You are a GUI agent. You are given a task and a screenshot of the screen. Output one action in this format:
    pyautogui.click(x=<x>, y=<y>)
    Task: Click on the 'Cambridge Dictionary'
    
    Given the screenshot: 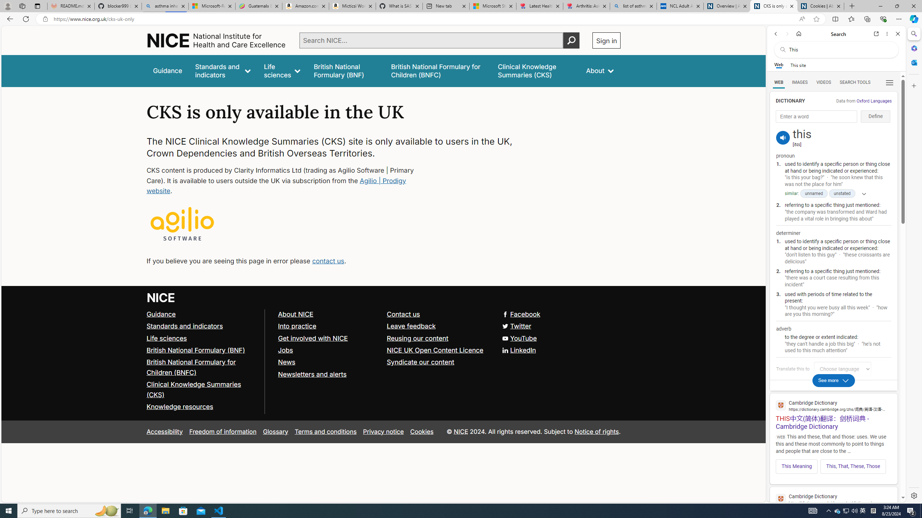 What is the action you would take?
    pyautogui.click(x=833, y=499)
    